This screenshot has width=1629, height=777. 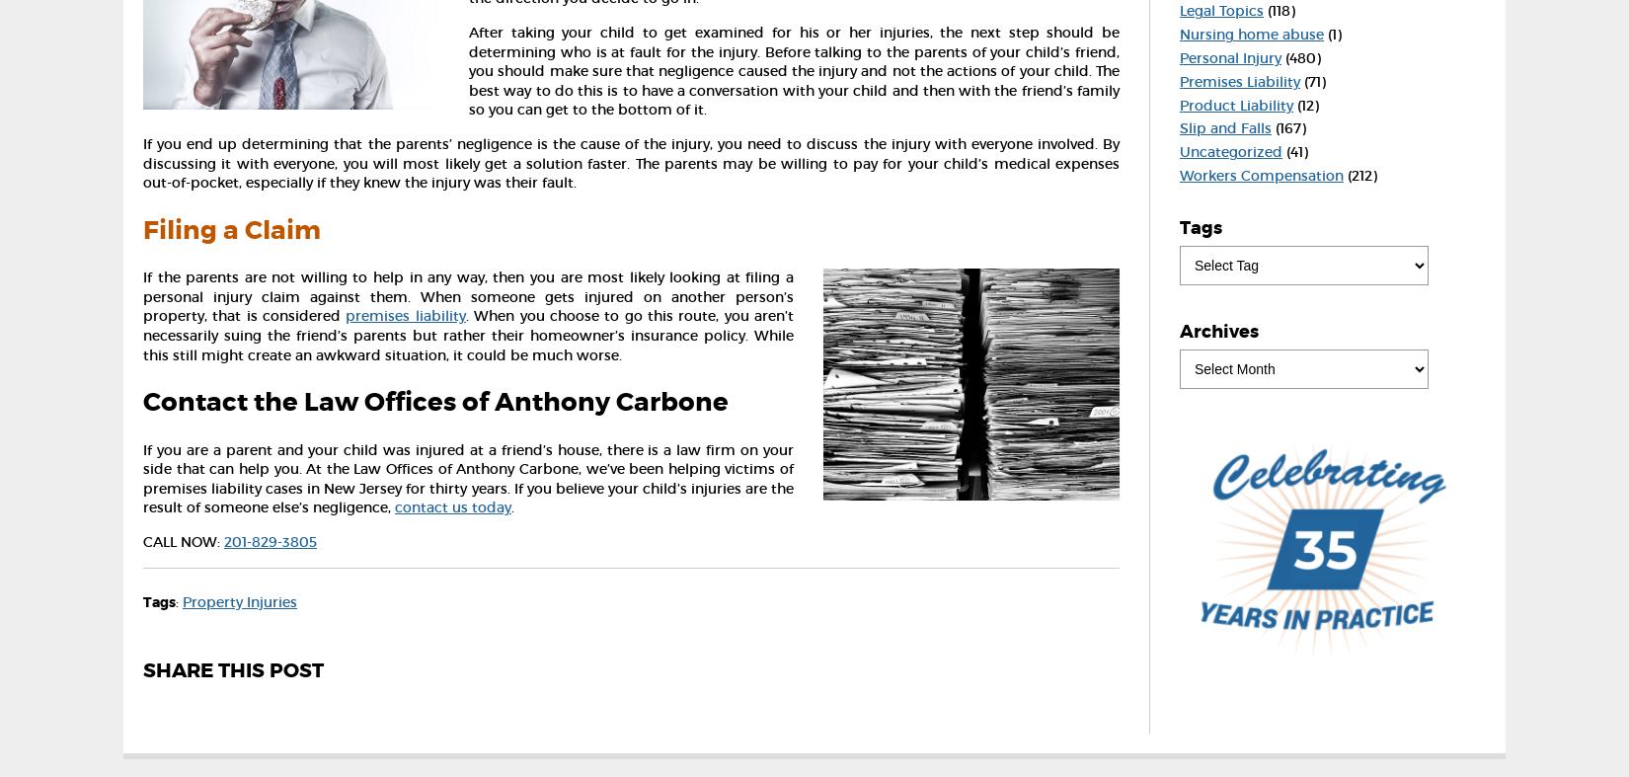 What do you see at coordinates (1235, 104) in the screenshot?
I see `'Product Liability'` at bounding box center [1235, 104].